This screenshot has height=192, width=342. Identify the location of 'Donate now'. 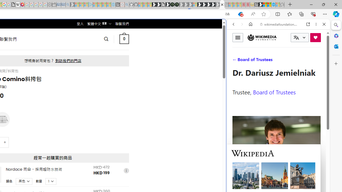
(315, 37).